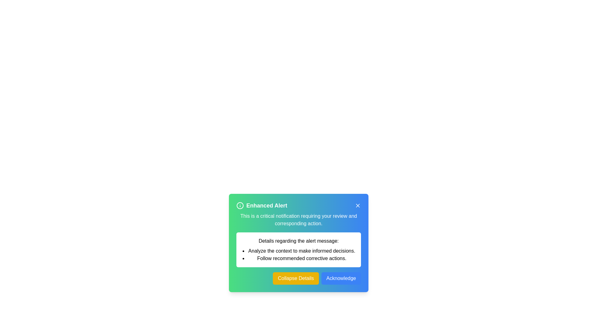 This screenshot has height=336, width=598. I want to click on the blue 'Acknowledge' button with rounded corners located at the bottom-right corner of the notification card to acknowledge, so click(341, 278).